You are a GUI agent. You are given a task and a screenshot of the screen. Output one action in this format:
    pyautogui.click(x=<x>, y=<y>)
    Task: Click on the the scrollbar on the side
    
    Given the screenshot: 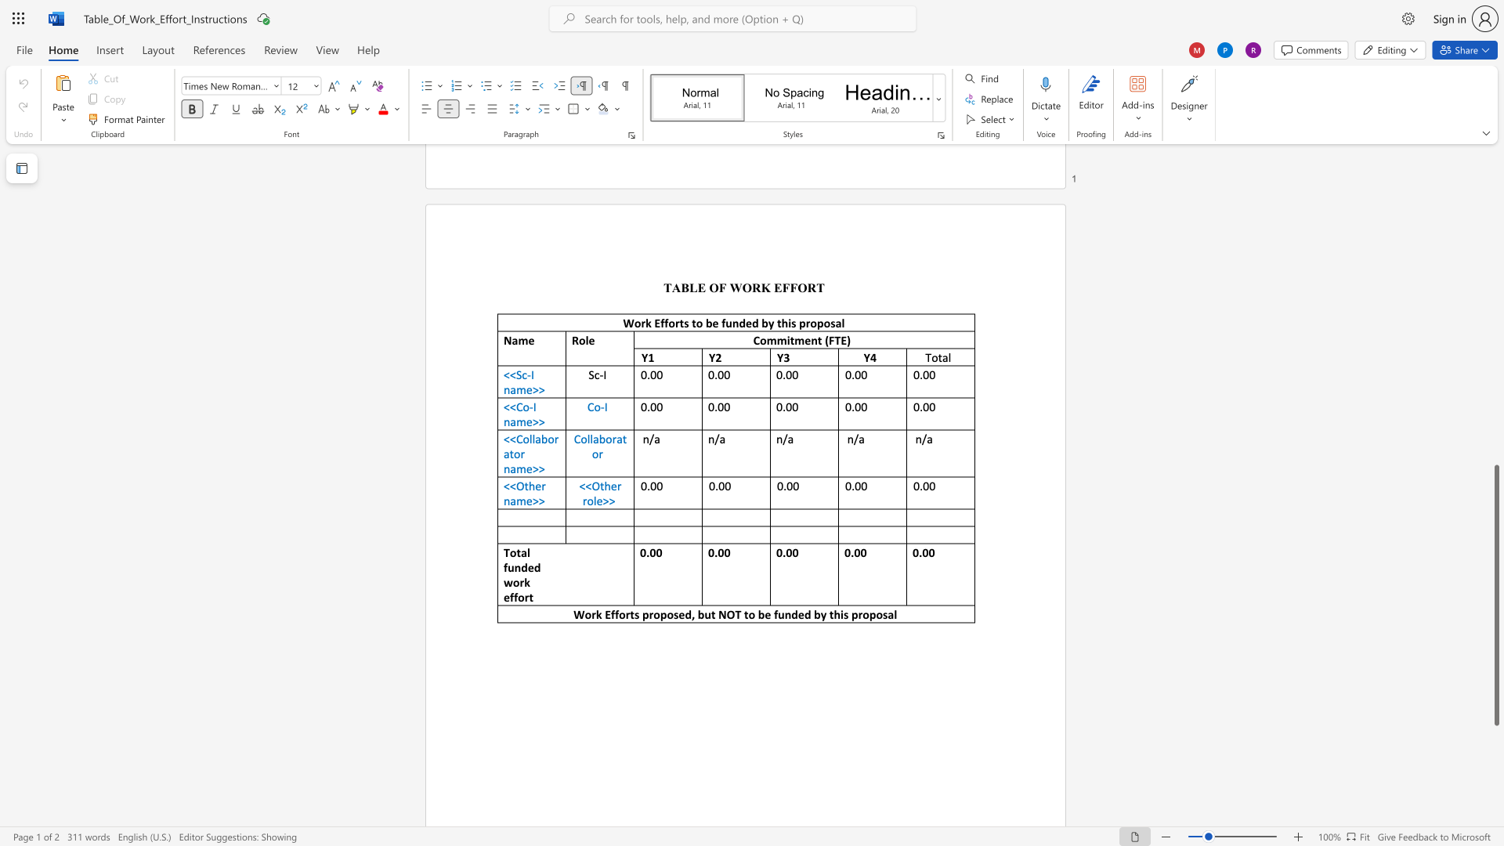 What is the action you would take?
    pyautogui.click(x=1495, y=186)
    